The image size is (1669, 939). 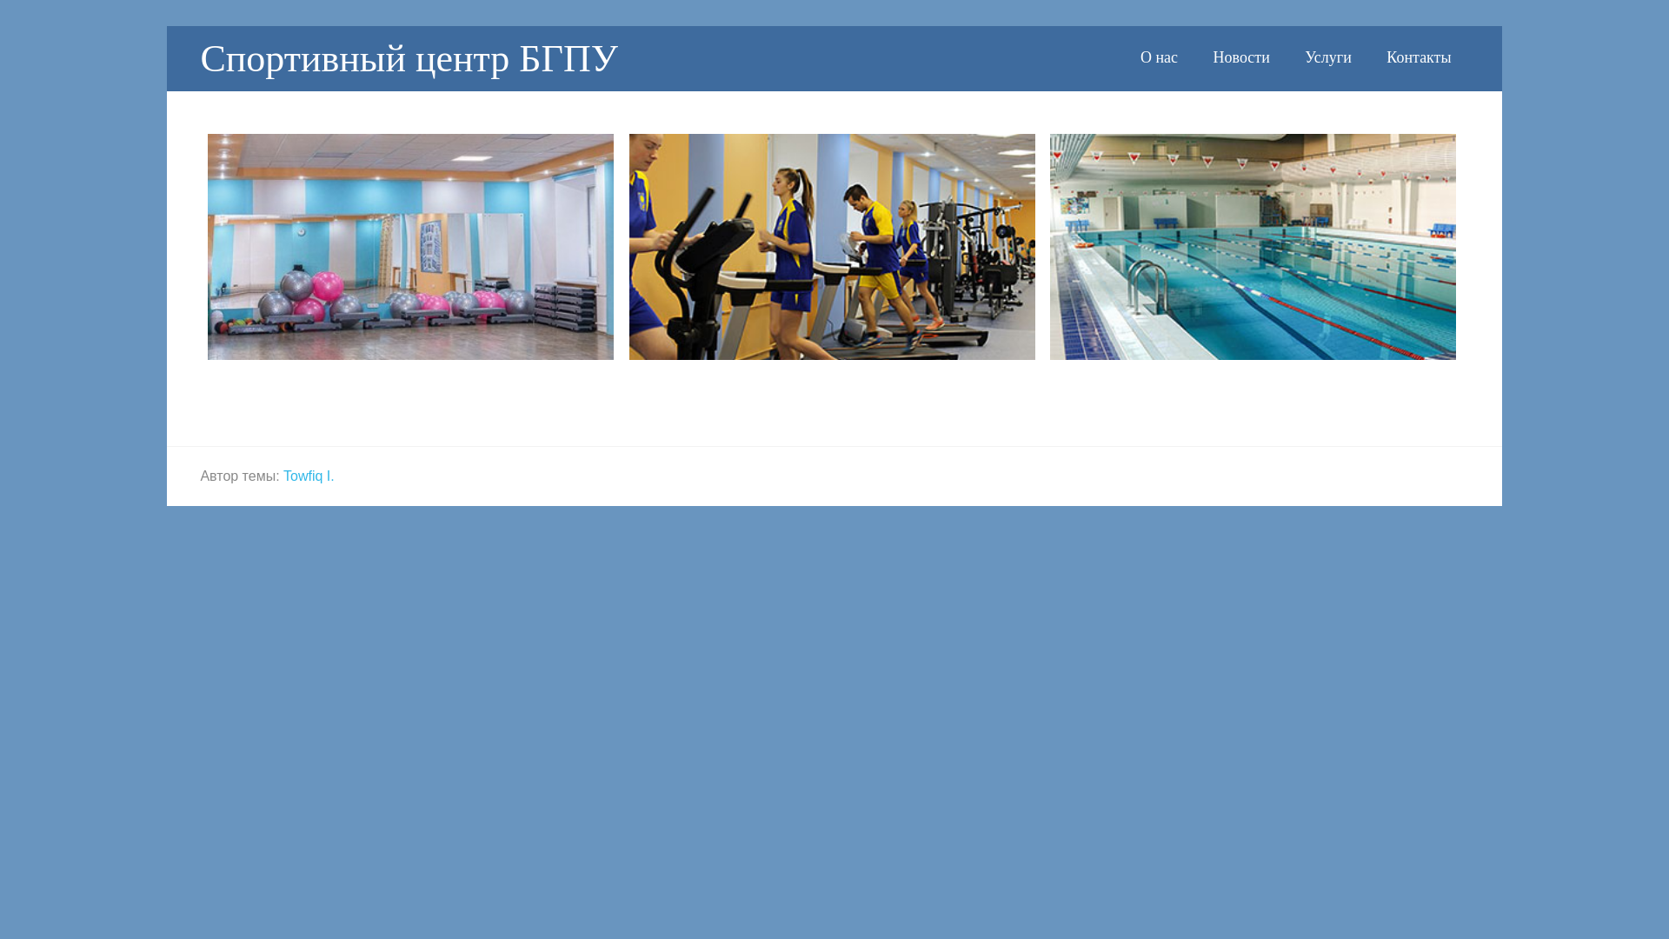 I want to click on 'Towfiq I.', so click(x=309, y=475).